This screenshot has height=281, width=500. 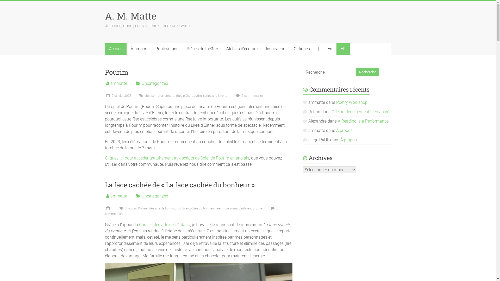 I want to click on 'gratuit', so click(x=177, y=95).